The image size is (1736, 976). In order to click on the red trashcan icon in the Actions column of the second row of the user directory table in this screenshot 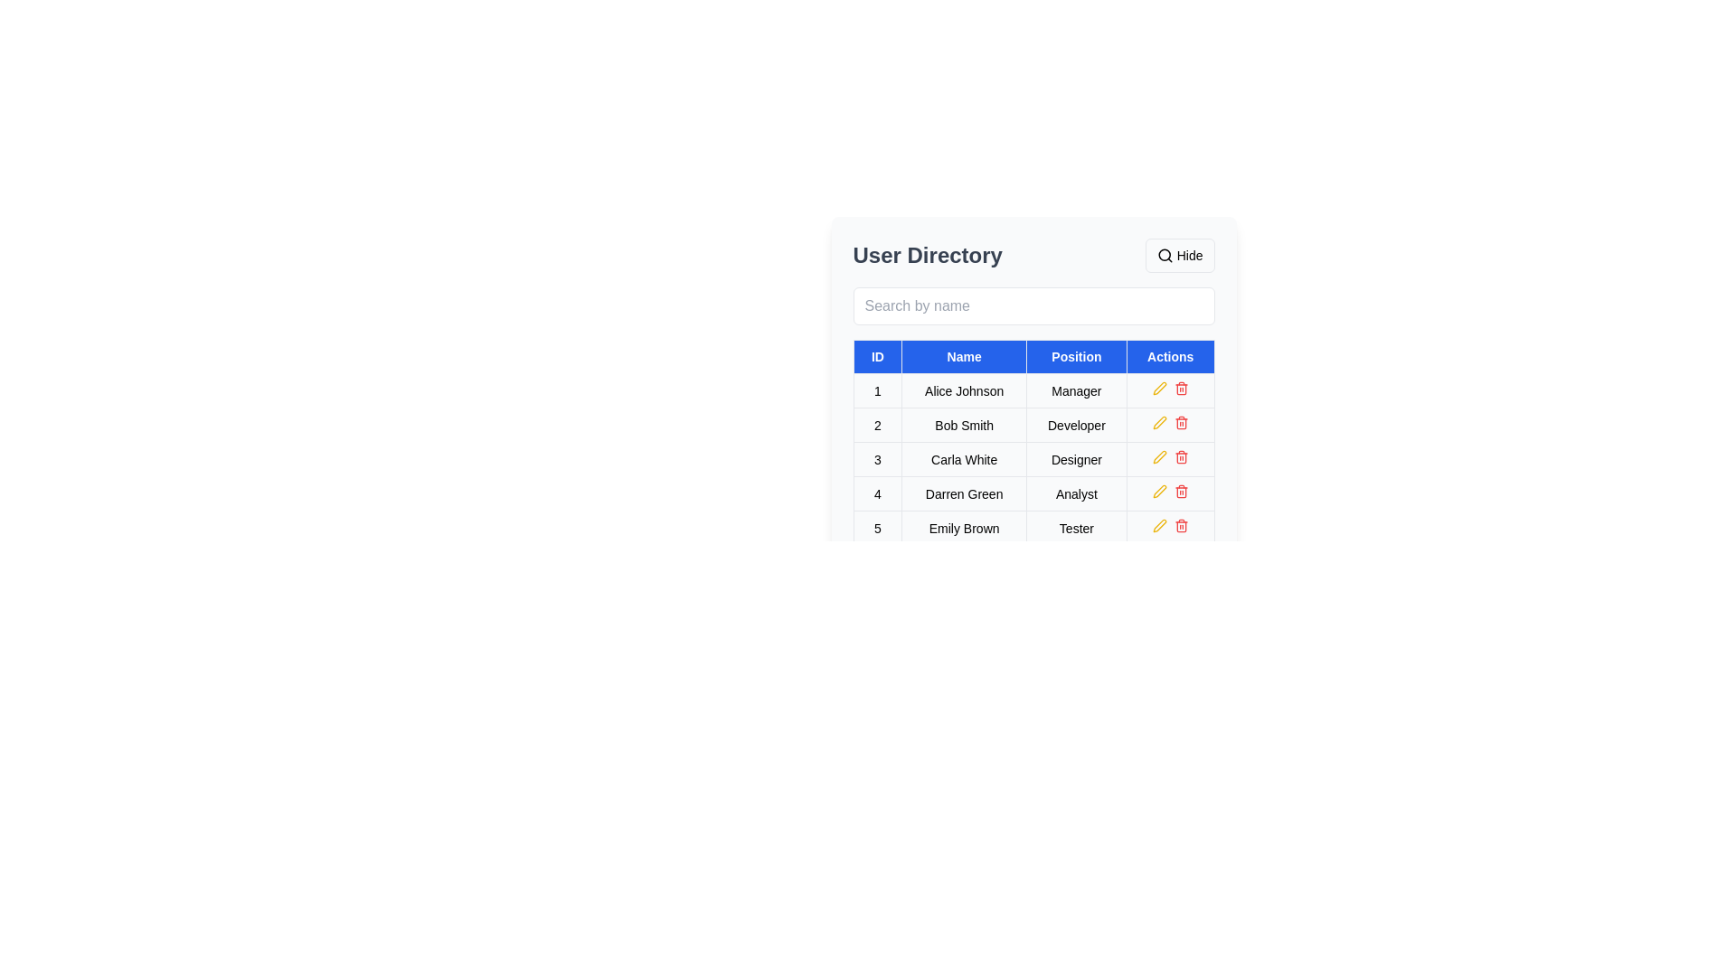, I will do `click(1181, 422)`.